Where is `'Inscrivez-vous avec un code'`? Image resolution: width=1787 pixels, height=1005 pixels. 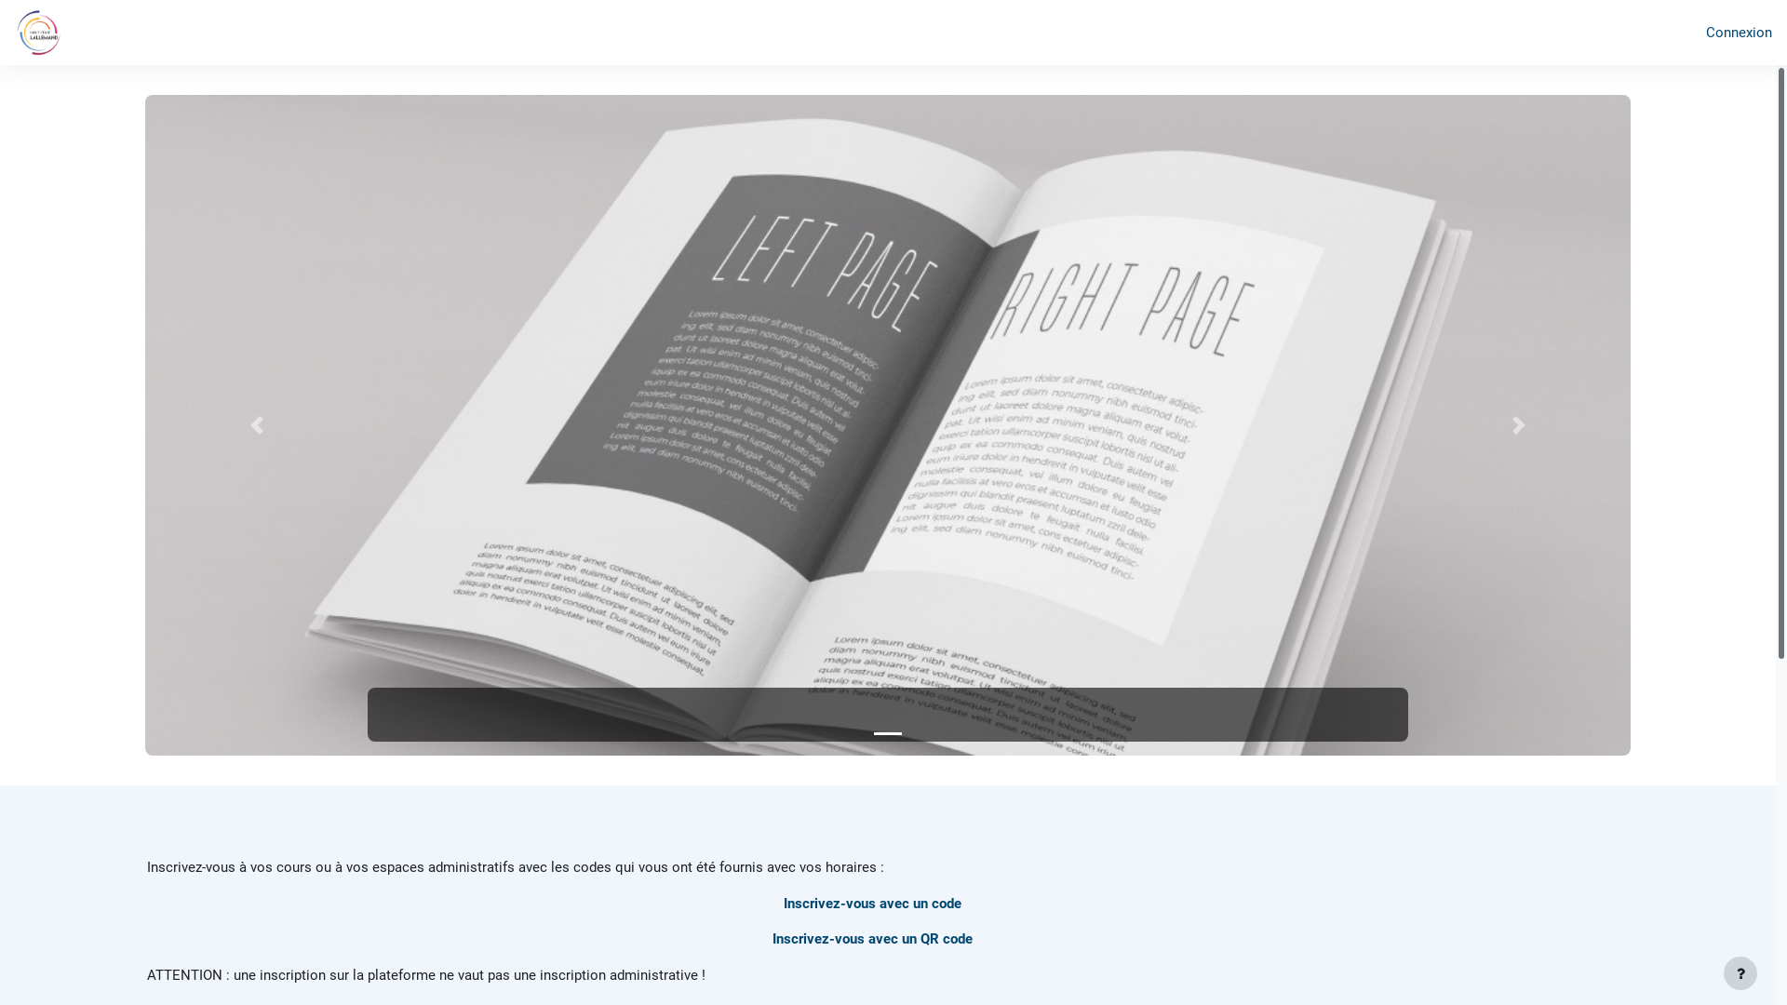
'Inscrivez-vous avec un code' is located at coordinates (871, 903).